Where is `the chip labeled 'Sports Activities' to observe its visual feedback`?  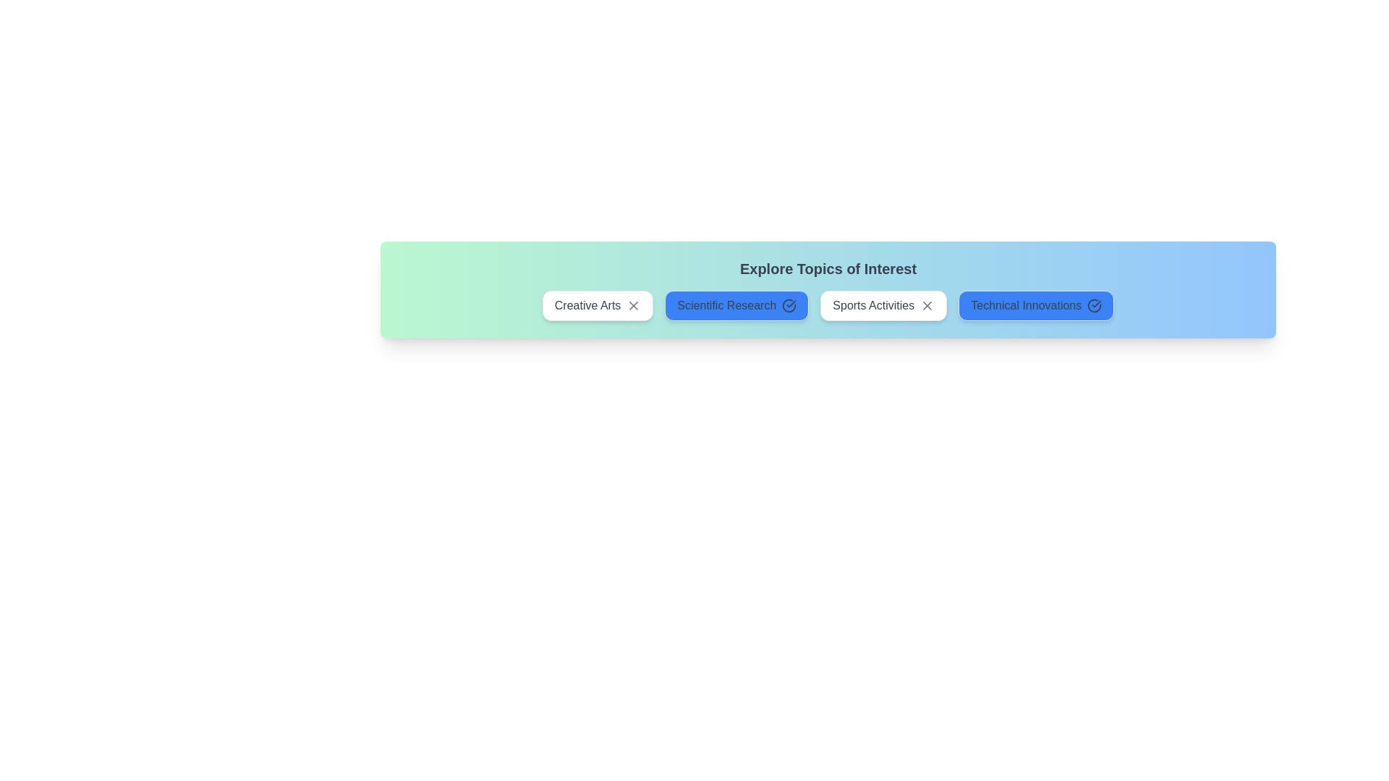
the chip labeled 'Sports Activities' to observe its visual feedback is located at coordinates (883, 305).